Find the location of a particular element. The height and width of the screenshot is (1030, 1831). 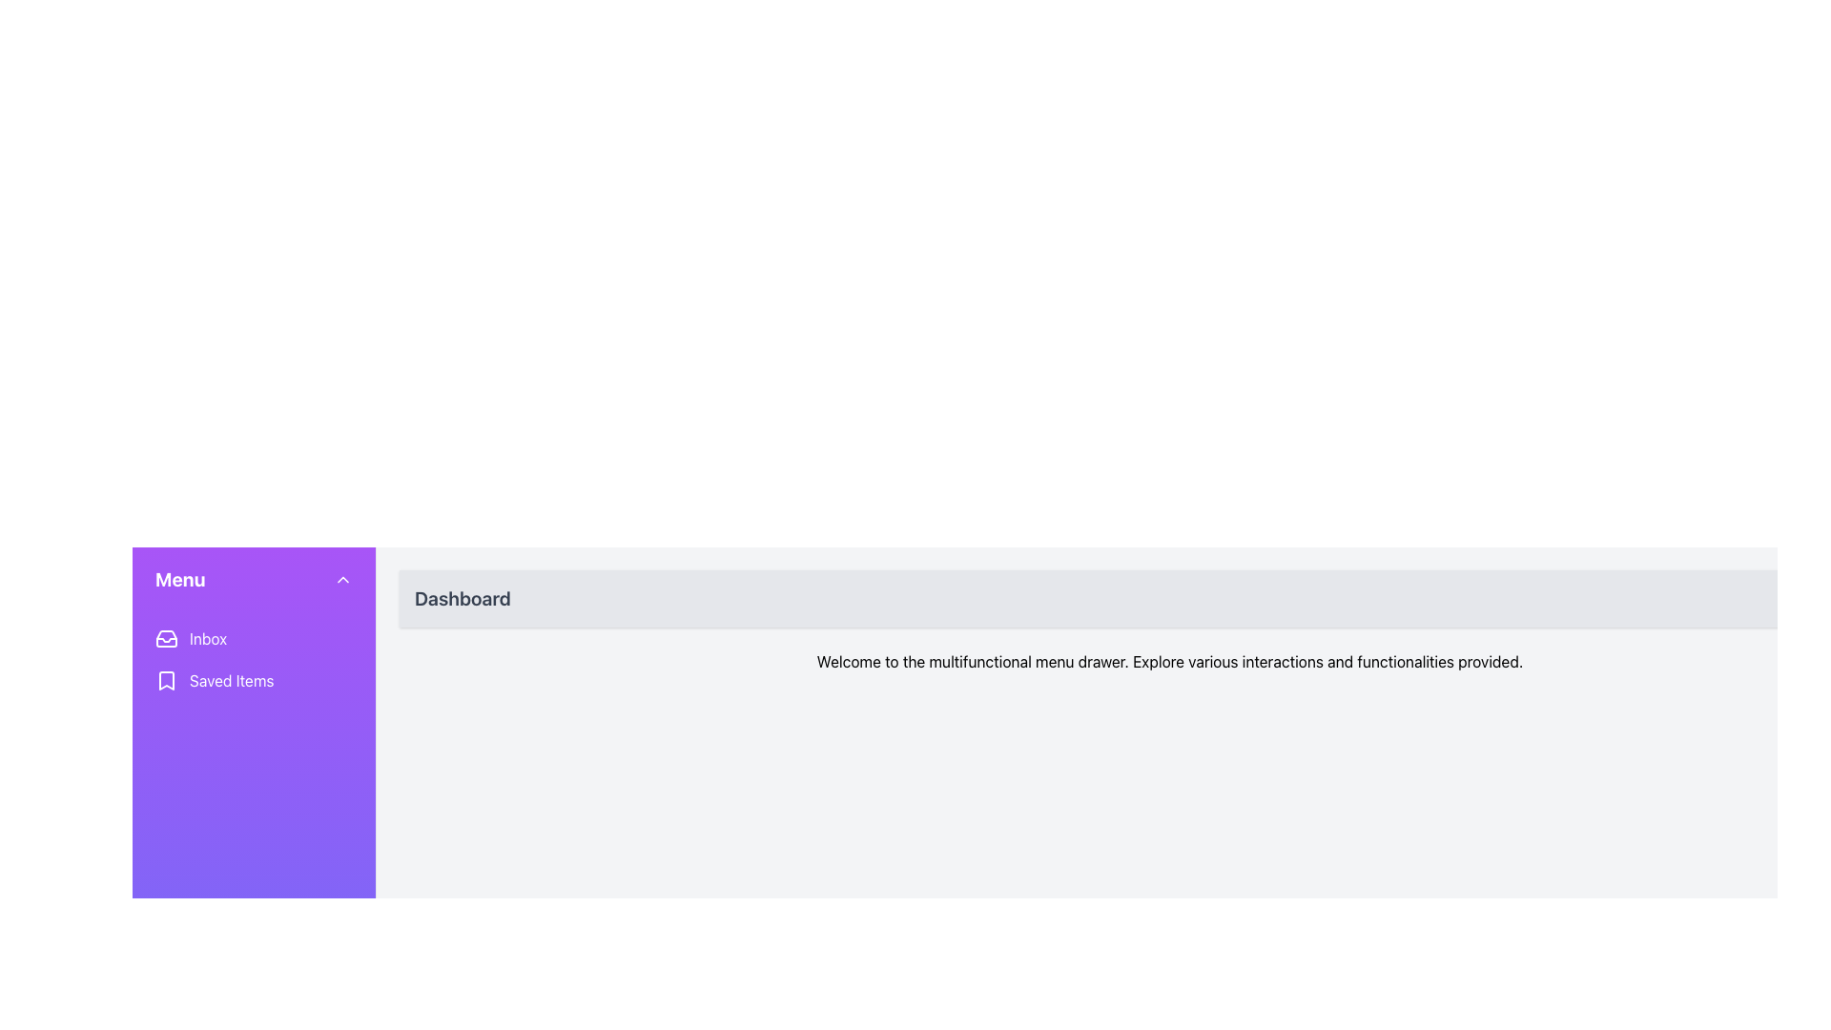

the 'Inbox' menu icon located in the sidebar, which is the leftmost icon above the text label 'Inbox' is located at coordinates (166, 639).